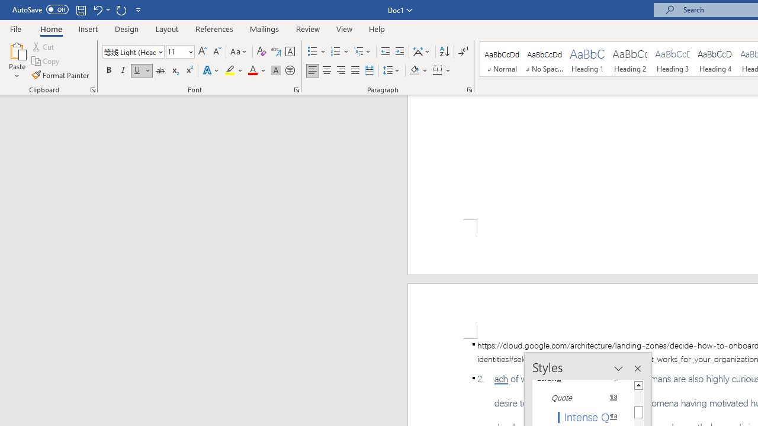 This screenshot has width=758, height=426. I want to click on 'Superscript', so click(188, 70).